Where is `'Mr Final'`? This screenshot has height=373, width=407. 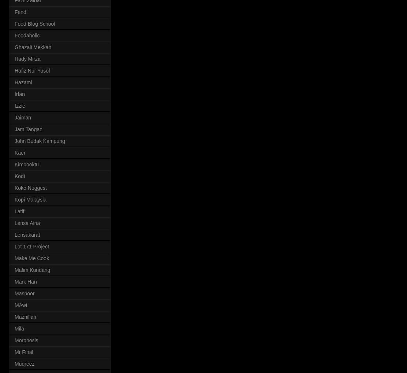 'Mr Final' is located at coordinates (24, 351).